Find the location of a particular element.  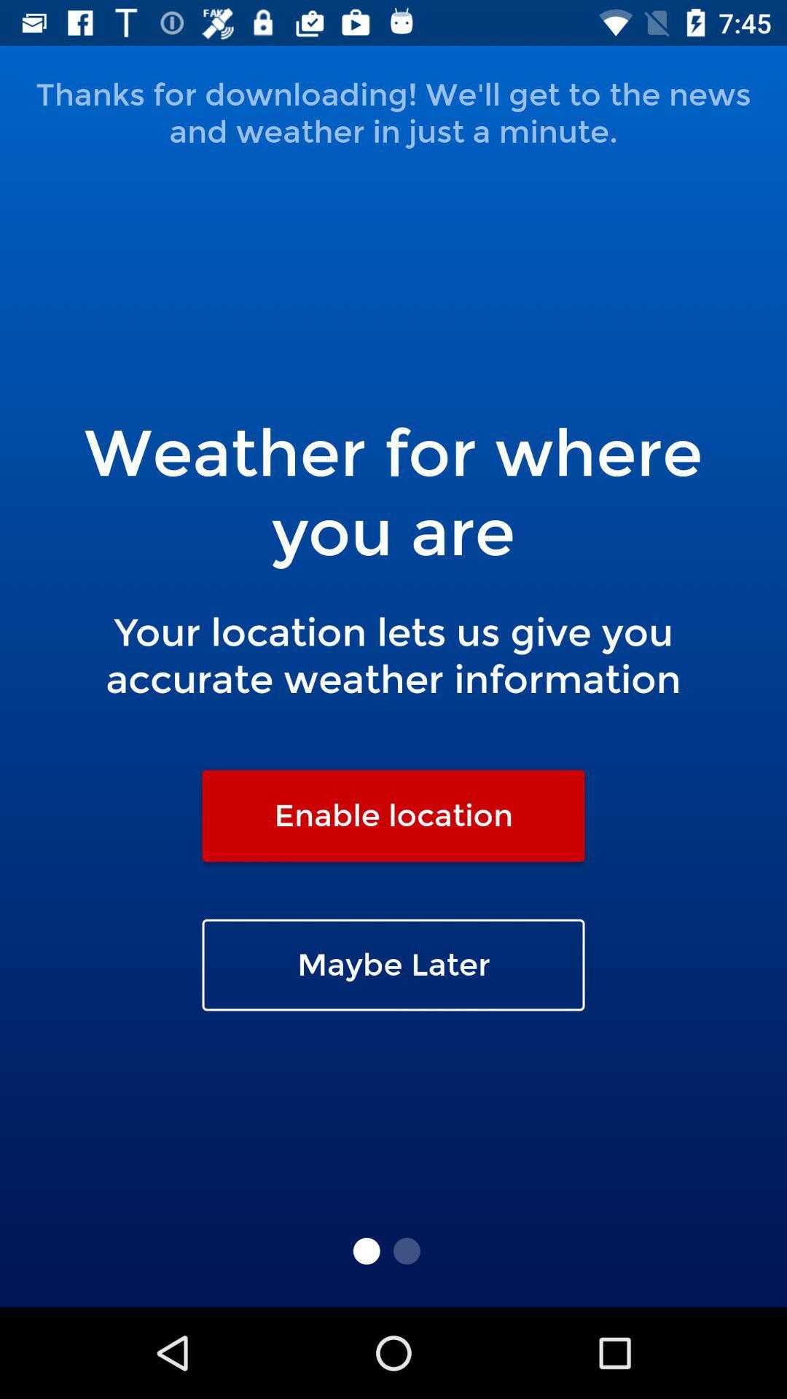

item above maybe later item is located at coordinates (393, 815).